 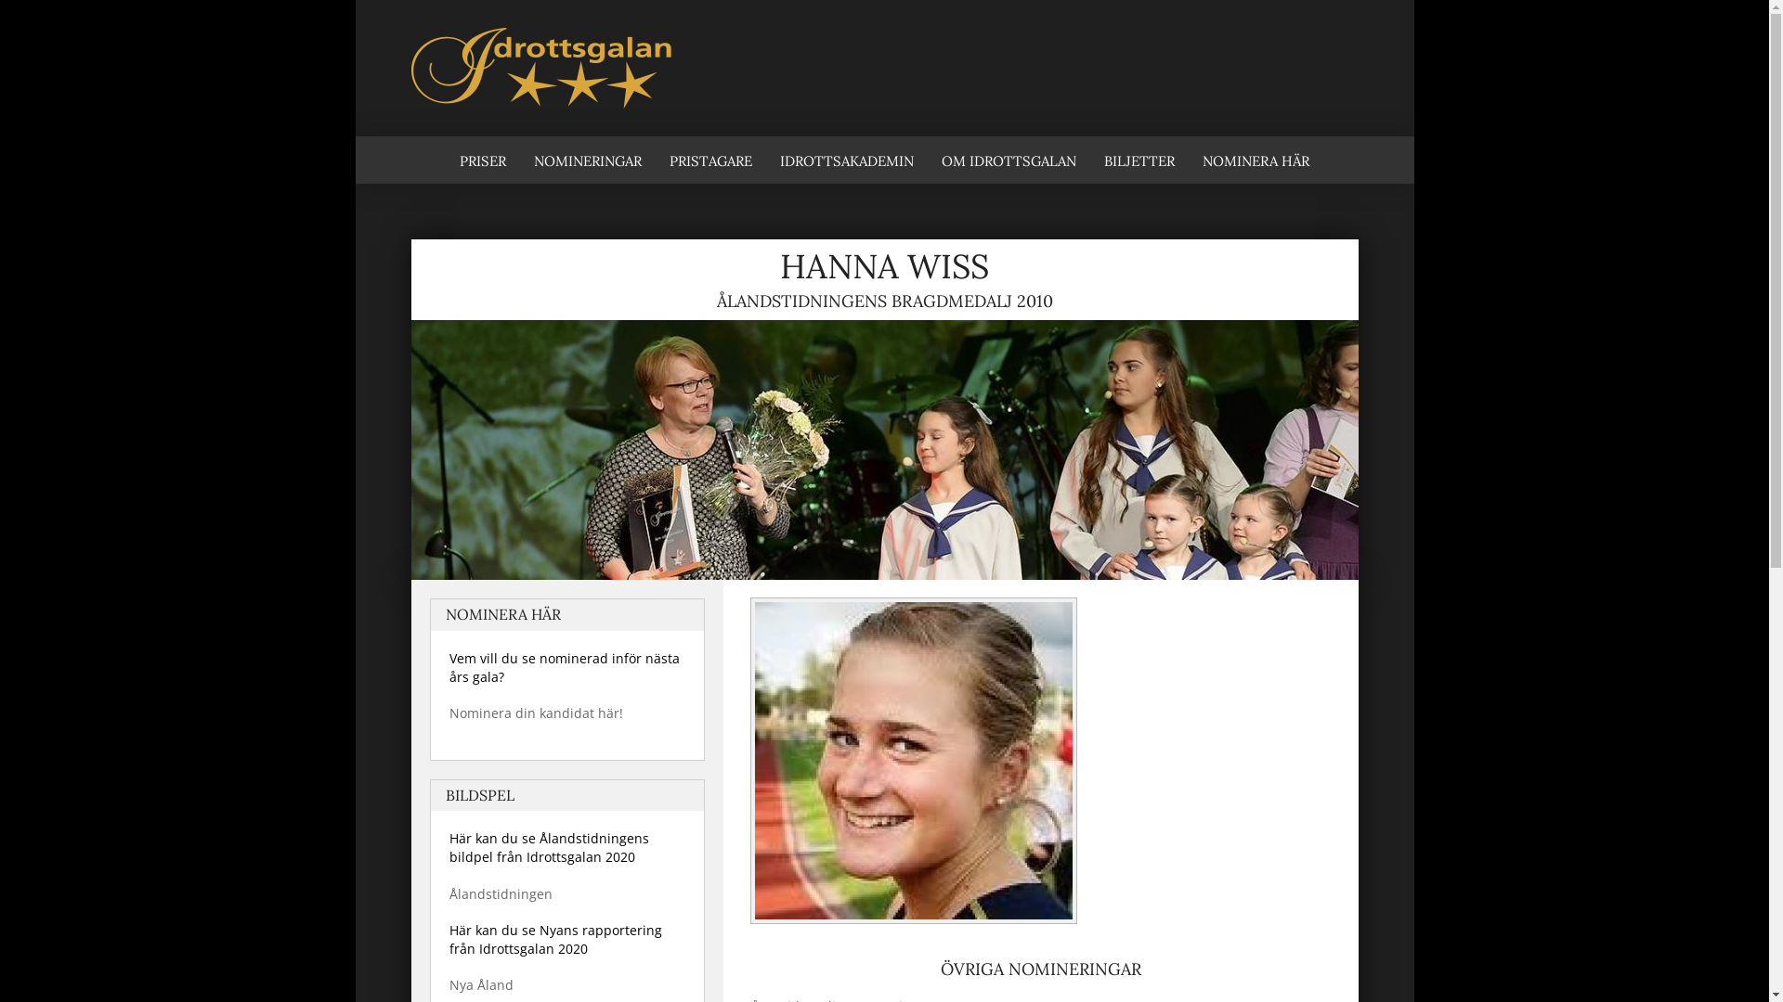 I want to click on 'PRISER', so click(x=446, y=159).